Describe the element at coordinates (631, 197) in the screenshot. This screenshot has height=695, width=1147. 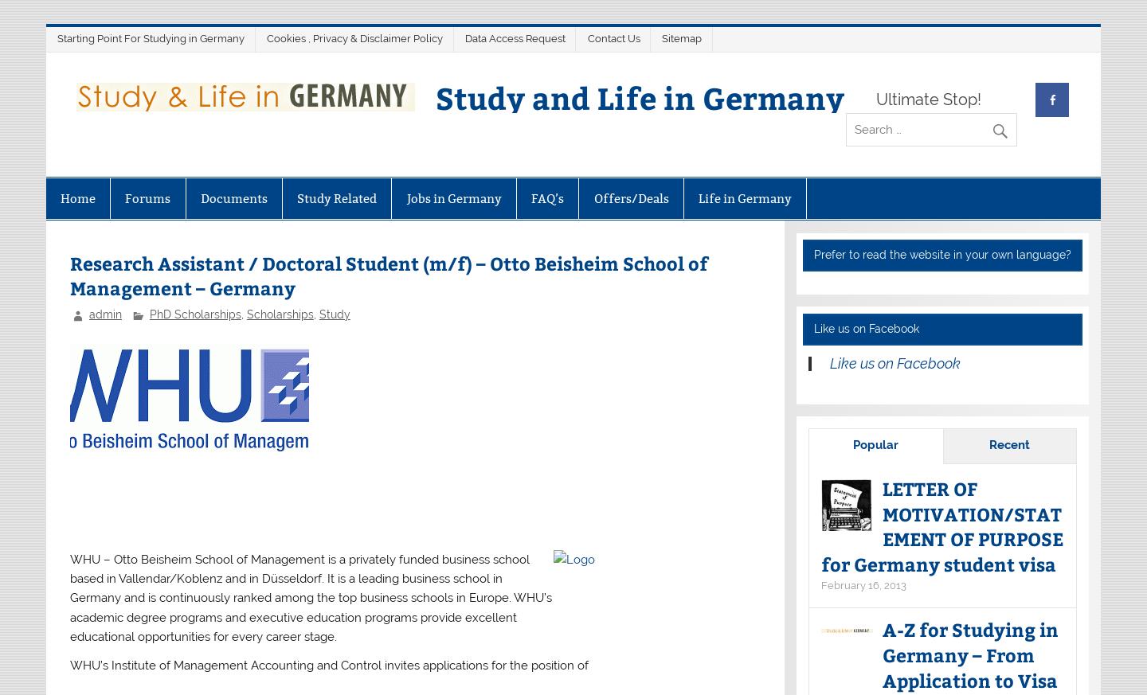
I see `'Offers/Deals'` at that location.